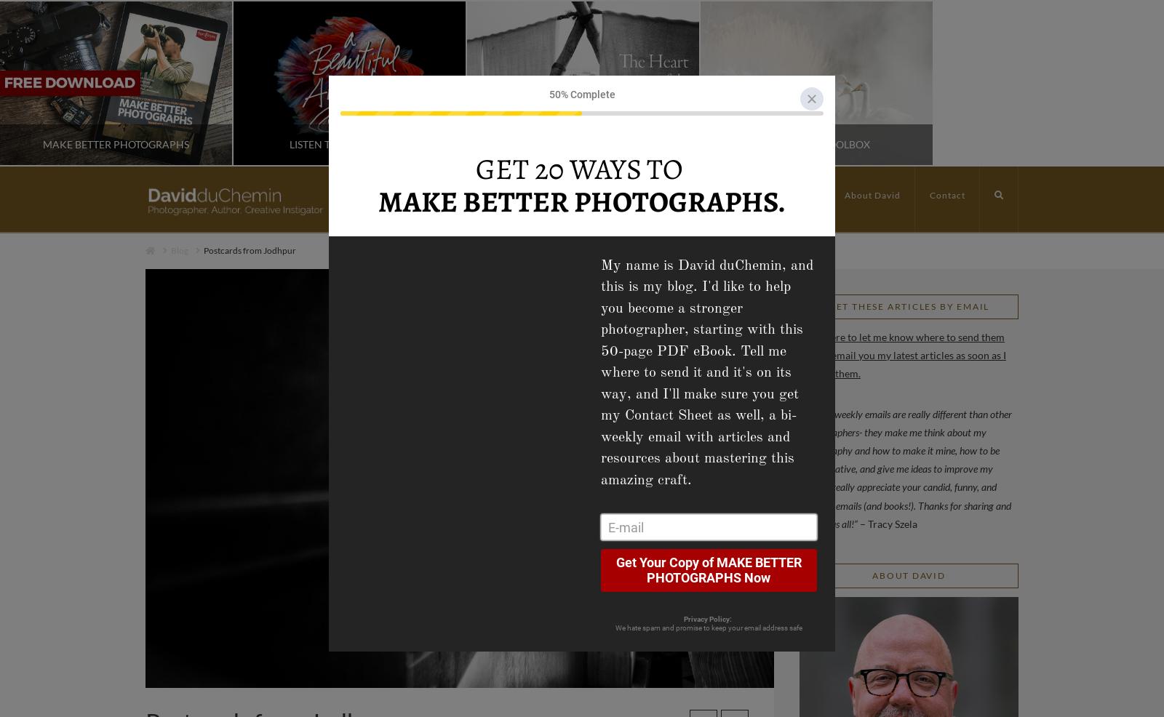 The image size is (1164, 717). I want to click on 'Postcards from Jodhpur', so click(250, 249).